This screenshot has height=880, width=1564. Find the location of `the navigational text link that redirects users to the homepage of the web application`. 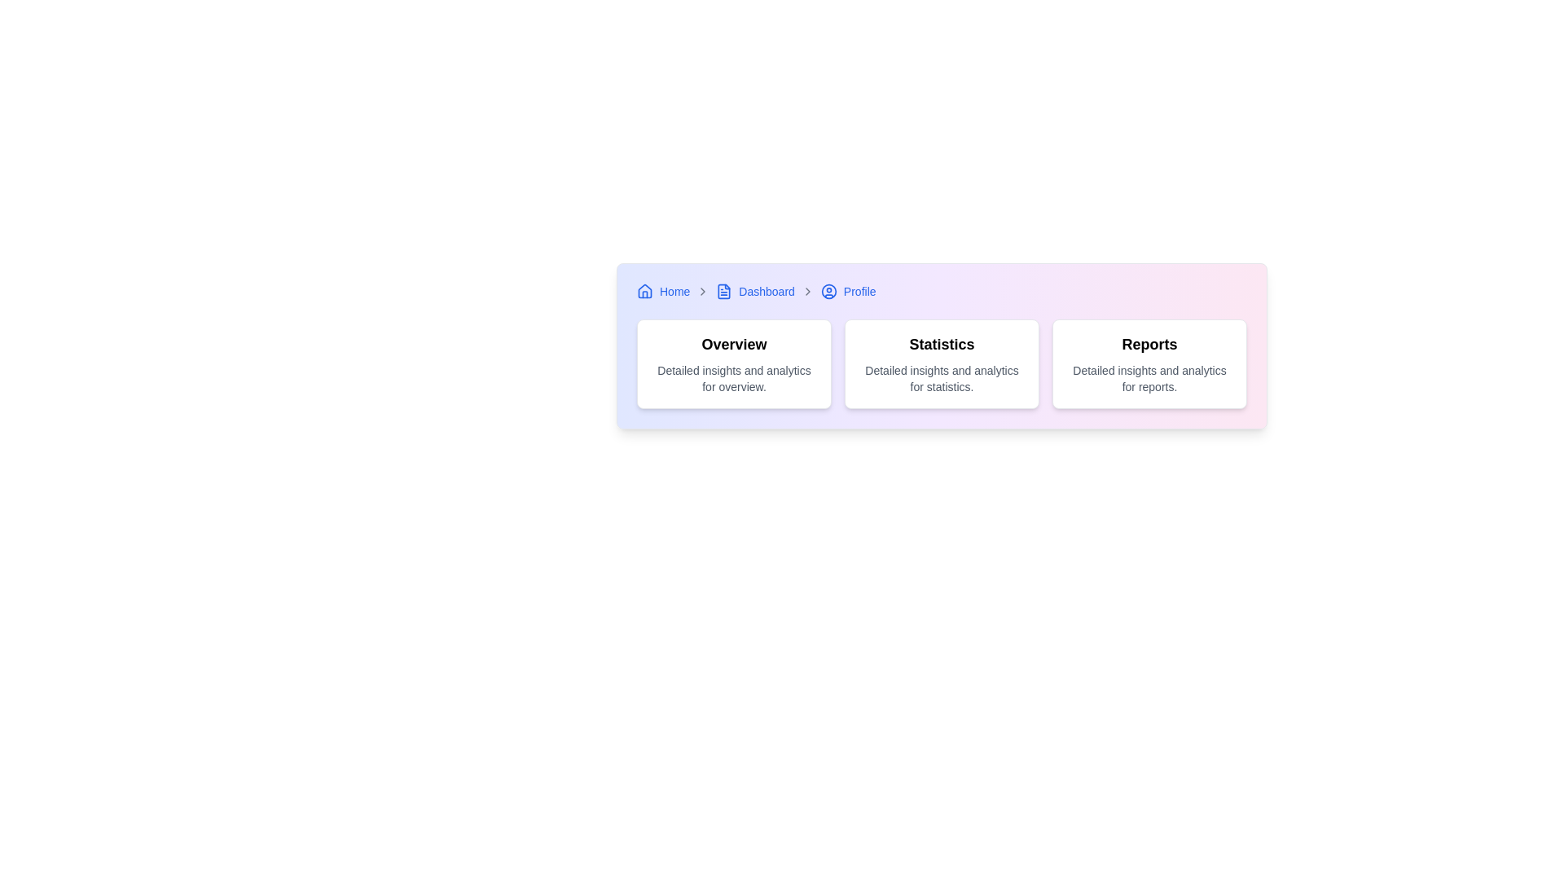

the navigational text link that redirects users to the homepage of the web application is located at coordinates (674, 291).